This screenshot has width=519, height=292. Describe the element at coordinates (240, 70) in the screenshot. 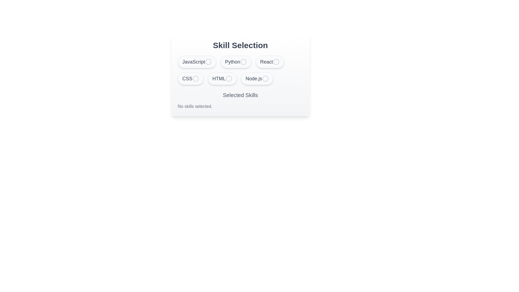

I see `the selectable tags for programming languages located below the title 'Skill Selection'` at that location.